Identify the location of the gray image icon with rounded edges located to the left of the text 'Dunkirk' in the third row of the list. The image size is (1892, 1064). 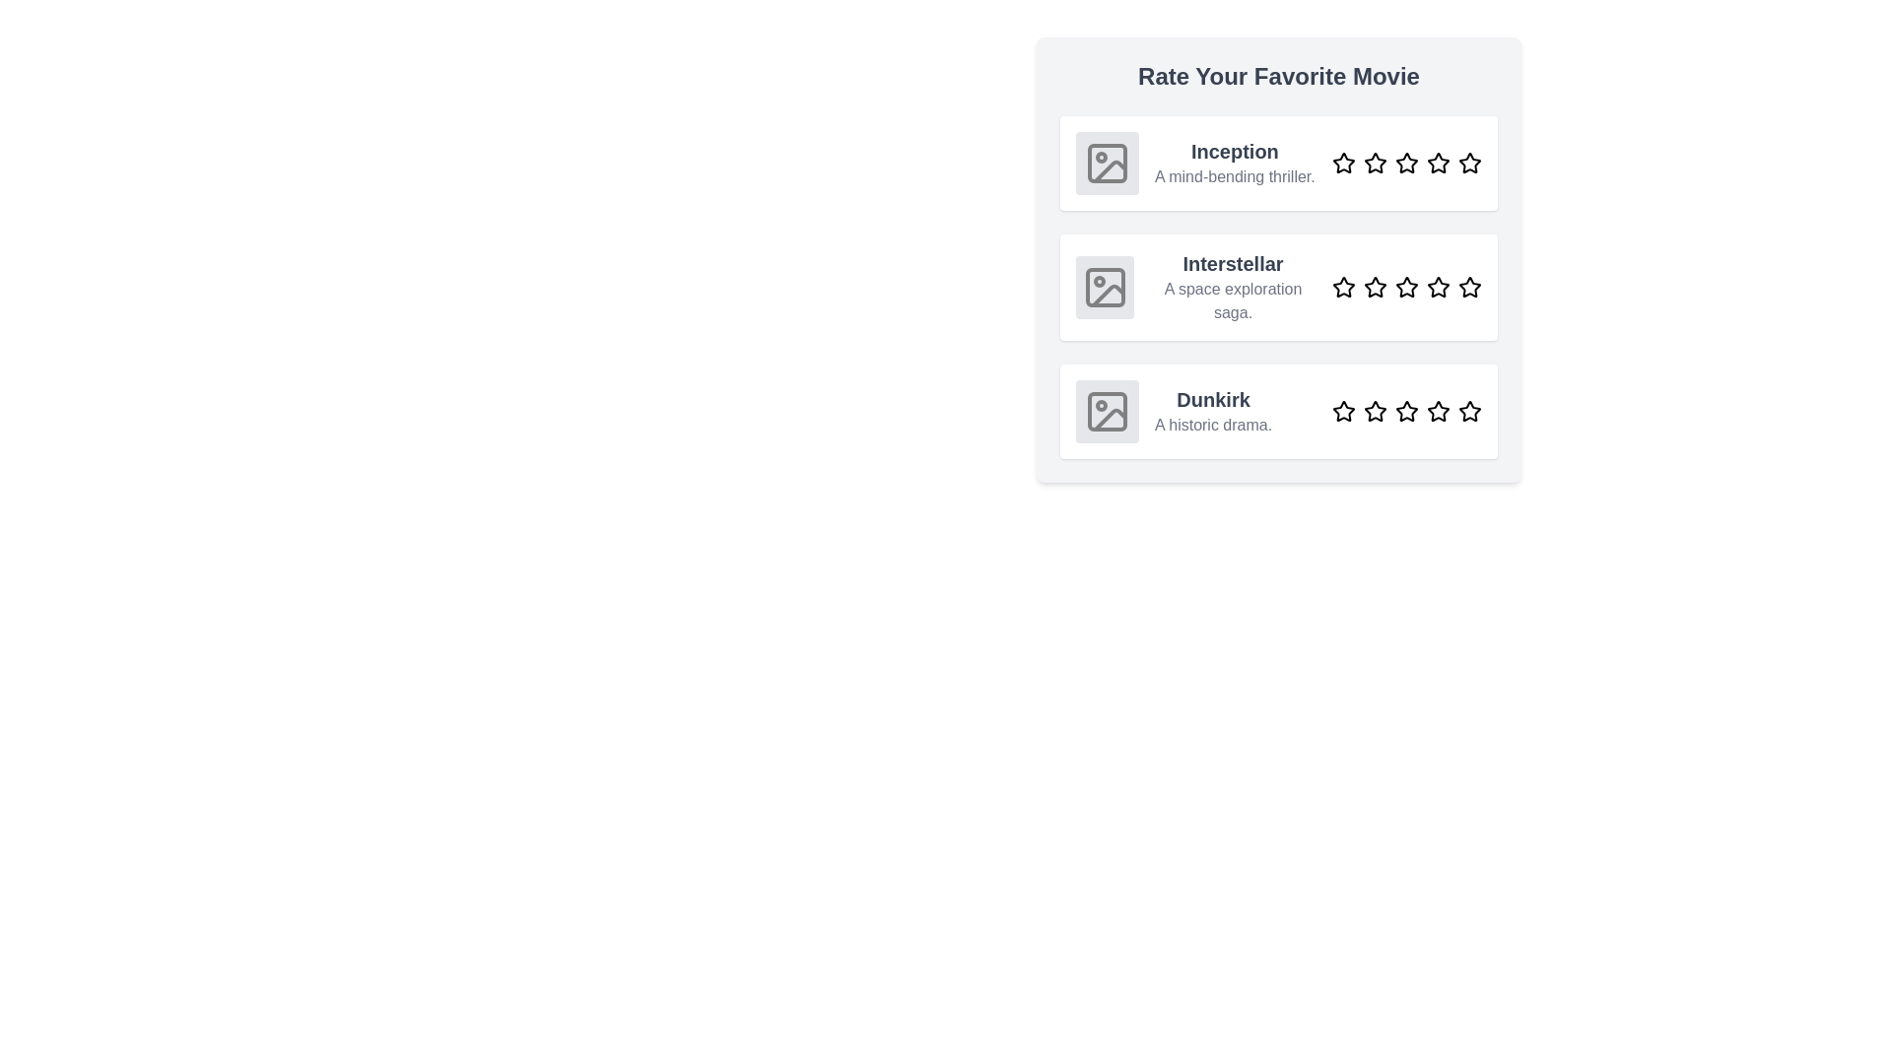
(1107, 410).